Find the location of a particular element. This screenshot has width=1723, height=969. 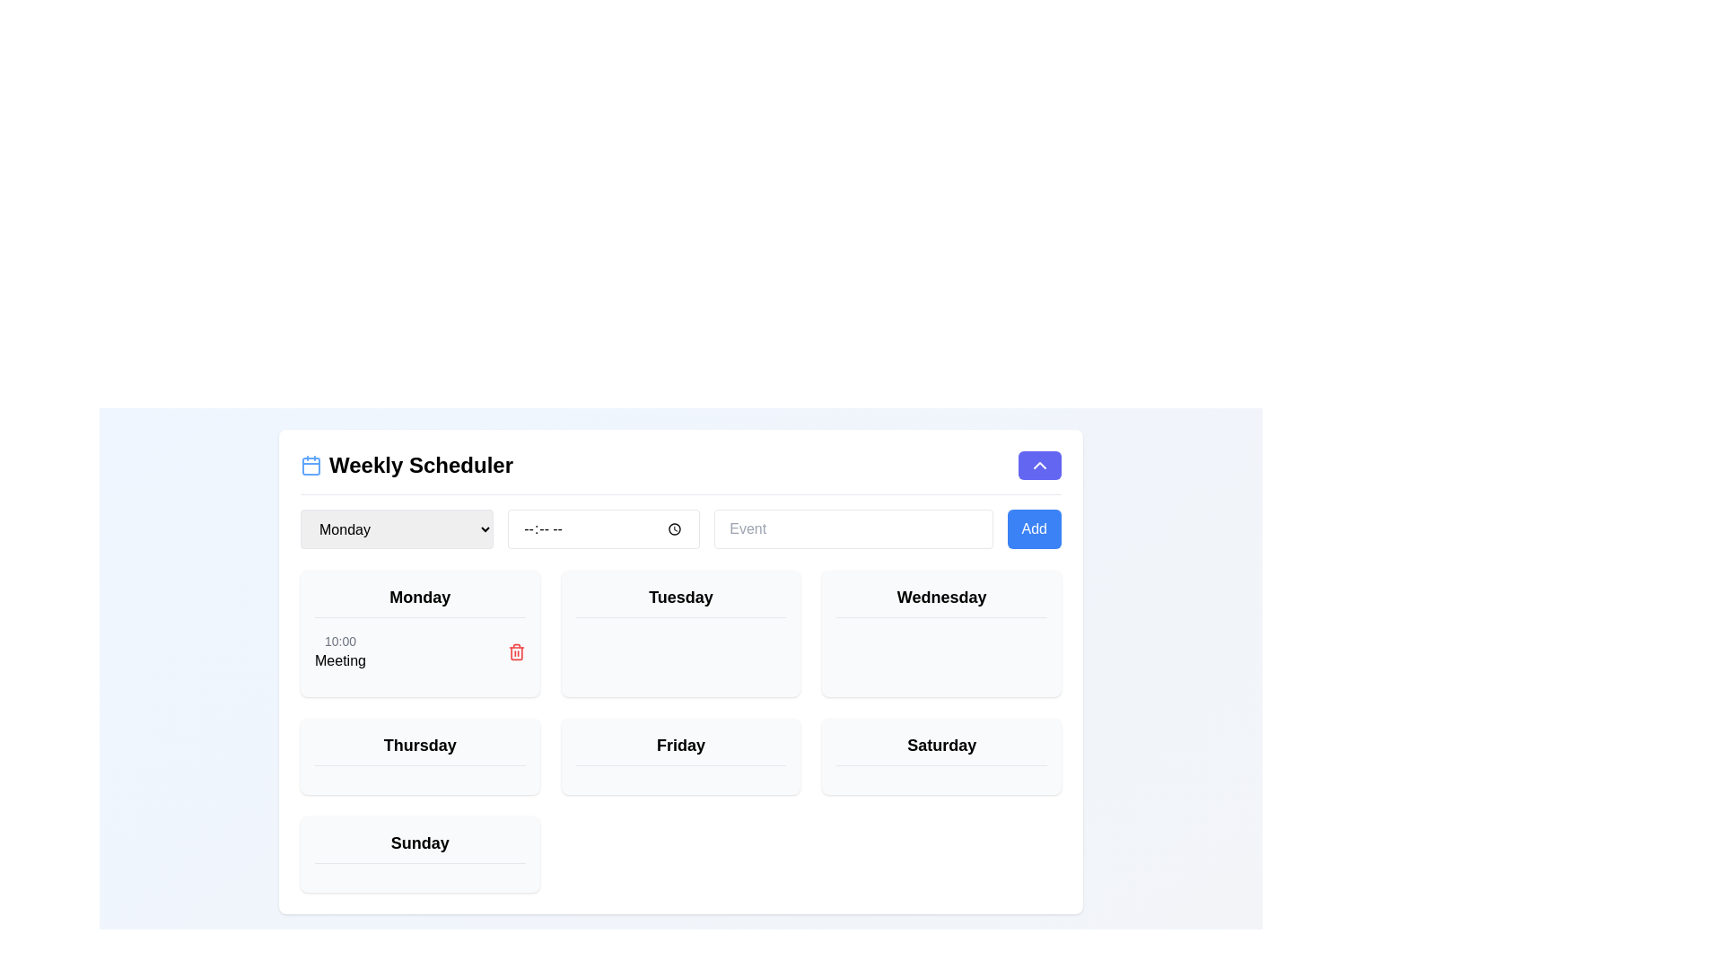

the static text label for the 'Sunday' section in the weekly scheduler interface, located at the bottom of the weekly scheduler grid is located at coordinates (419, 847).